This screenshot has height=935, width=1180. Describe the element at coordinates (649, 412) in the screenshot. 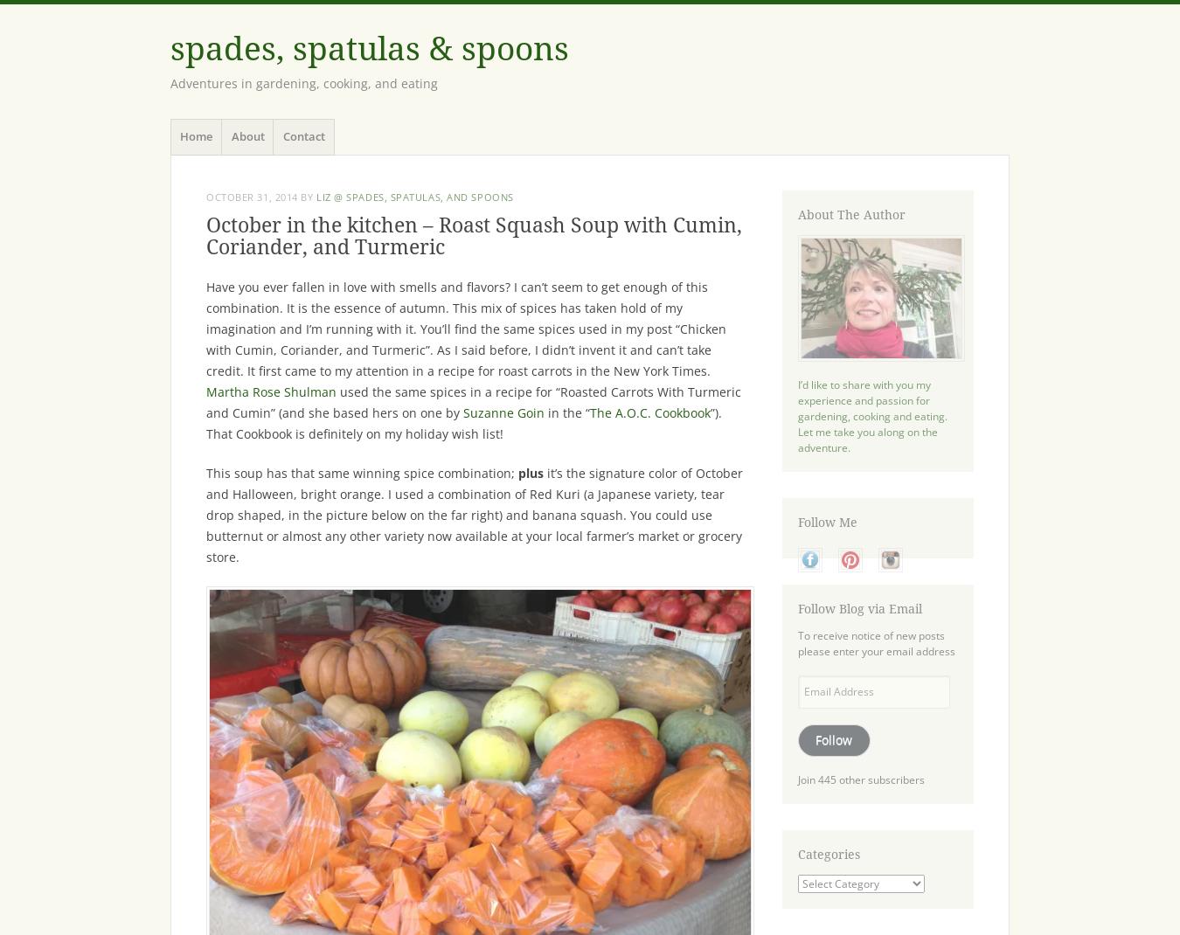

I see `'The A.O.C. Cookbook'` at that location.